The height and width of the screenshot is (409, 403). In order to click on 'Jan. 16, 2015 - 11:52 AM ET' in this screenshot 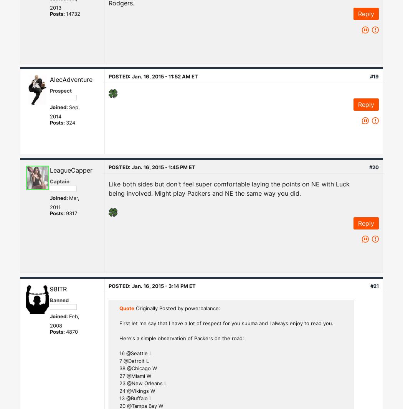, I will do `click(164, 76)`.